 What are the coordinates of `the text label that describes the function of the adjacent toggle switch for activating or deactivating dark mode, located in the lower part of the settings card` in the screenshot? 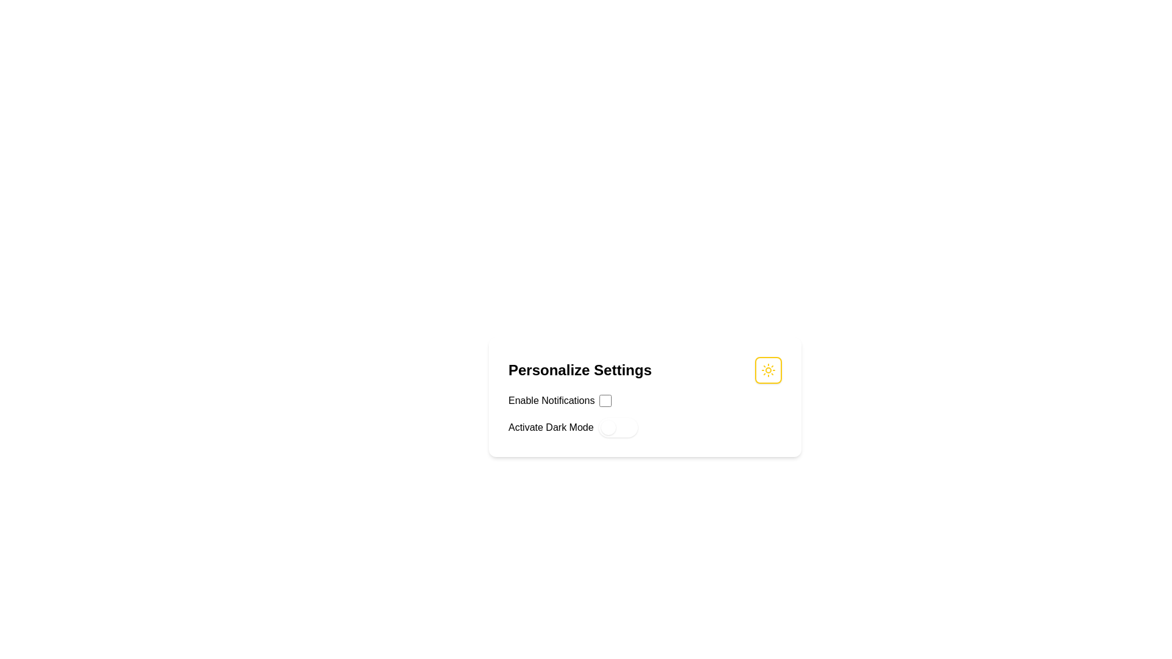 It's located at (550, 427).